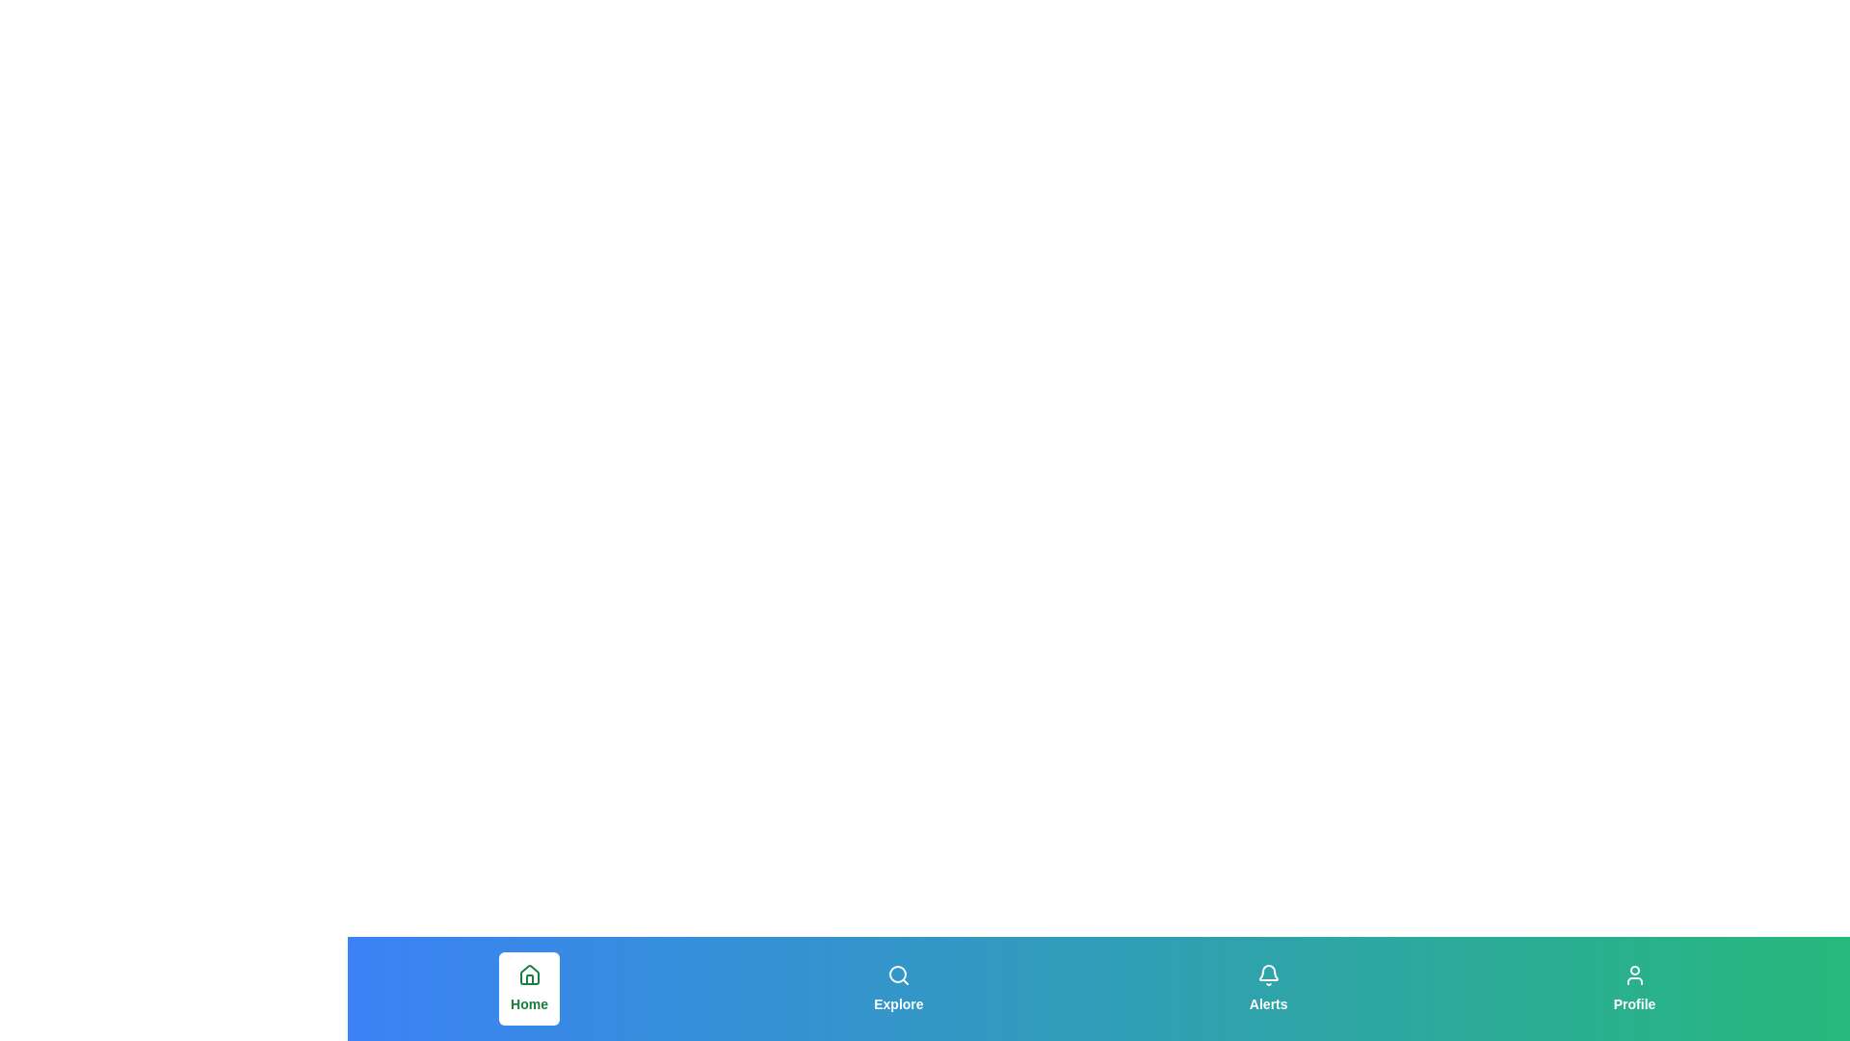 The width and height of the screenshot is (1850, 1041). I want to click on the button labeled 'Explore' to observe its hover effect, so click(897, 989).